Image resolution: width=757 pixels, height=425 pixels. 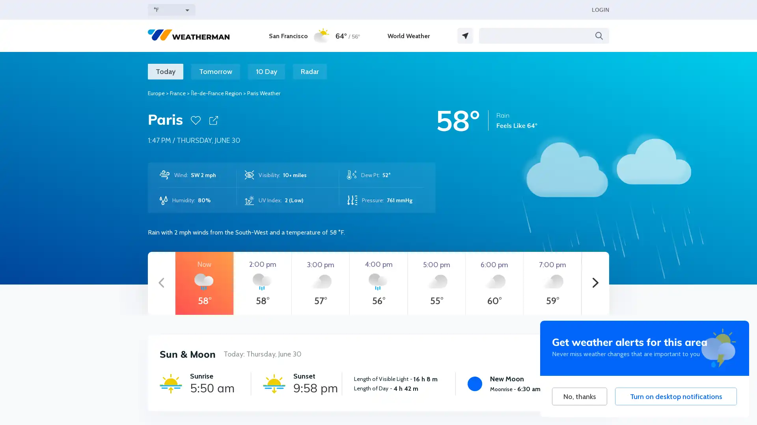 What do you see at coordinates (595, 283) in the screenshot?
I see `Next hours` at bounding box center [595, 283].